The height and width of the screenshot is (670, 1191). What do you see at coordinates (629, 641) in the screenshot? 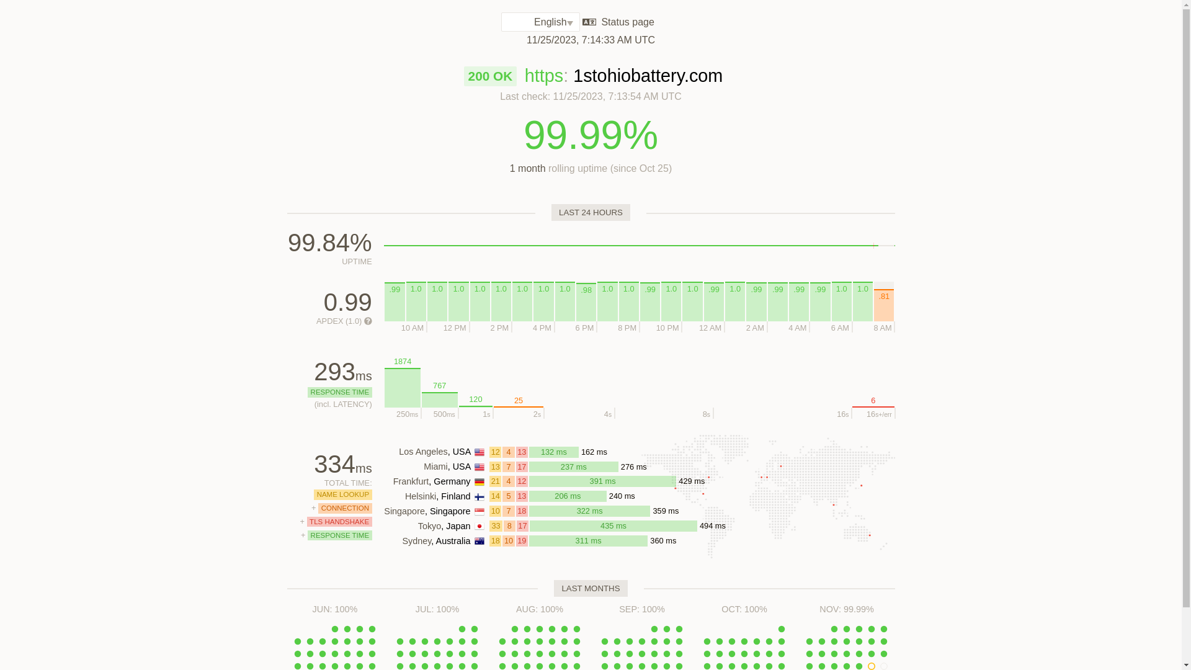
I see `'<small>Sep 06:</small> No downtime'` at bounding box center [629, 641].